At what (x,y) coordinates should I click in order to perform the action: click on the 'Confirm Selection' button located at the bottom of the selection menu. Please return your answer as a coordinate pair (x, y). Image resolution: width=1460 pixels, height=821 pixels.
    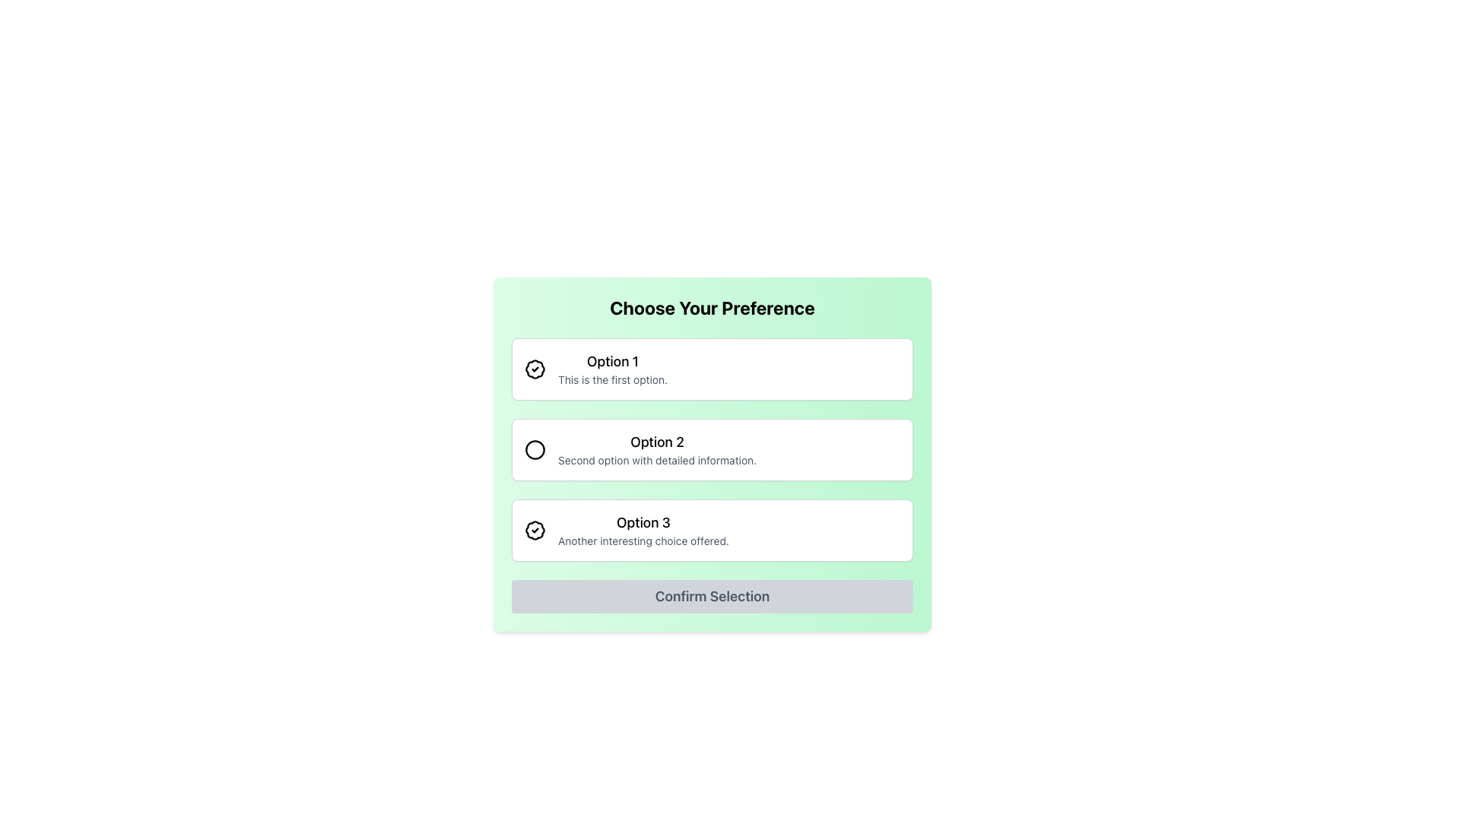
    Looking at the image, I should click on (711, 596).